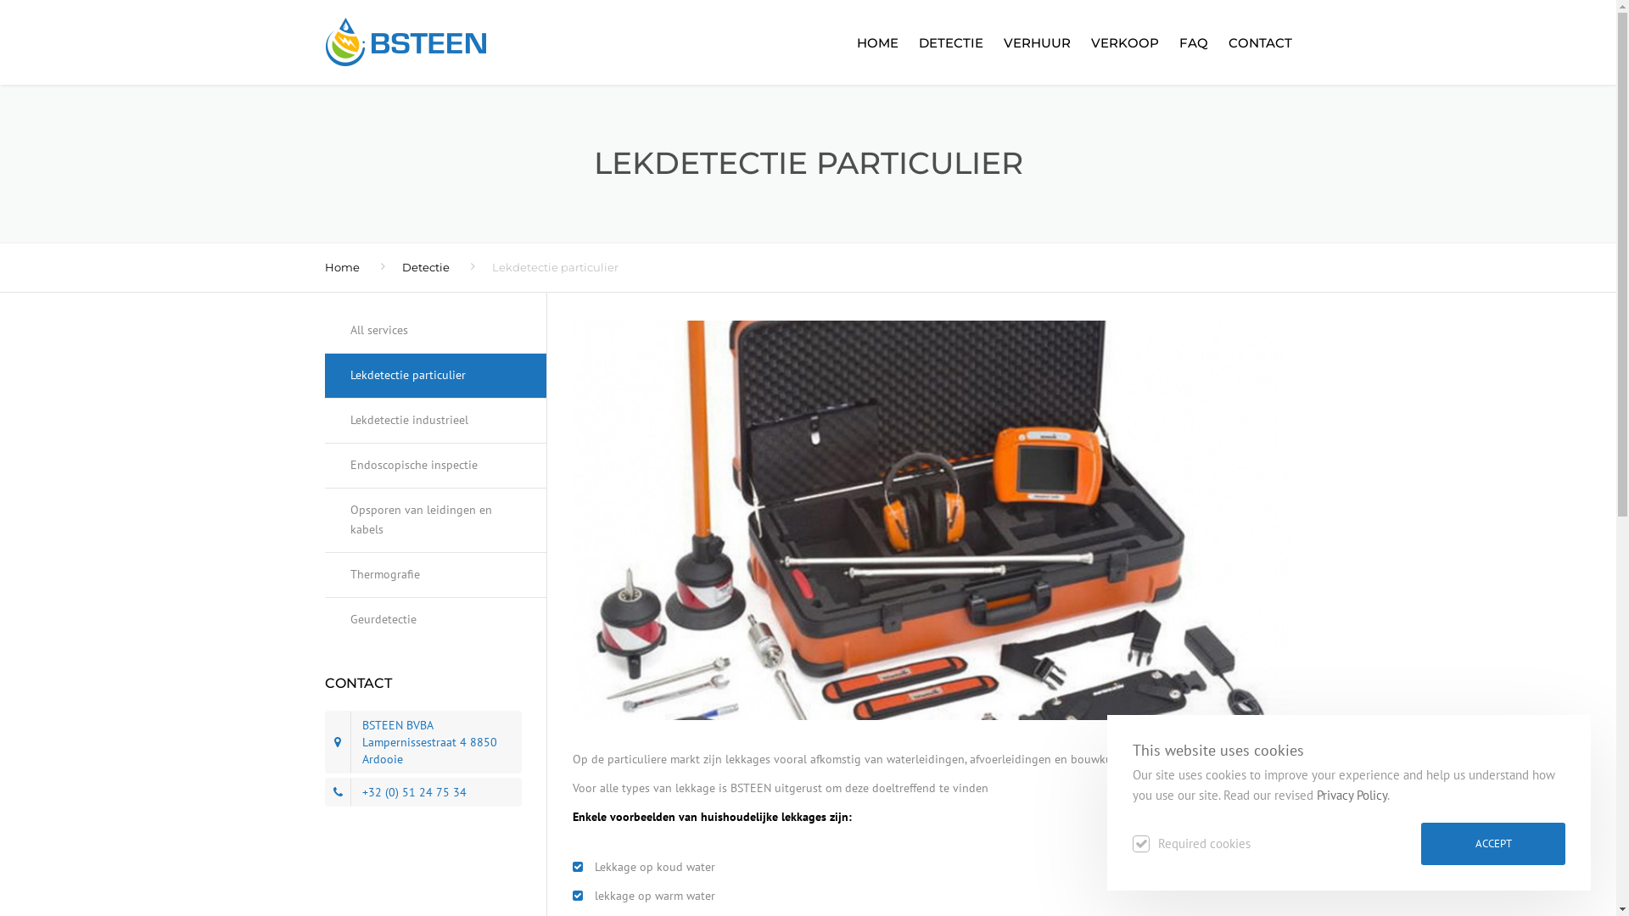  What do you see at coordinates (1035, 42) in the screenshot?
I see `'VERHUUR'` at bounding box center [1035, 42].